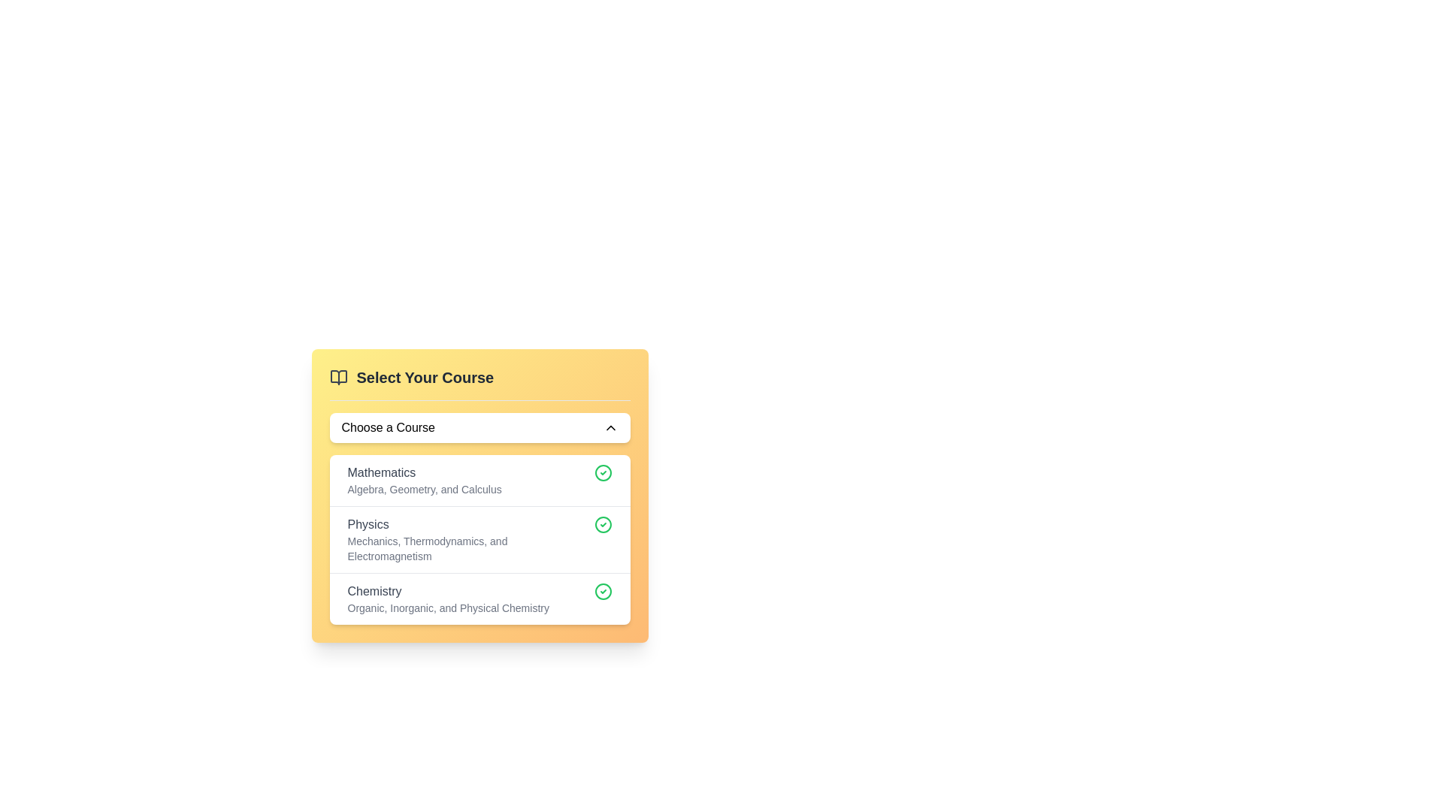  Describe the element at coordinates (479, 481) in the screenshot. I see `the interactive list item displaying the heading 'Mathematics'` at that location.